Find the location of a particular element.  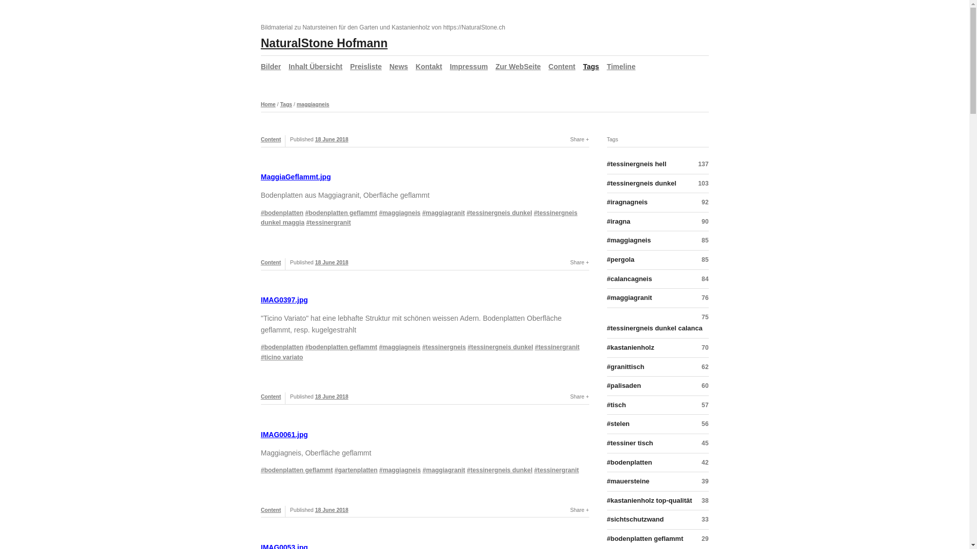

'70 is located at coordinates (606, 348).